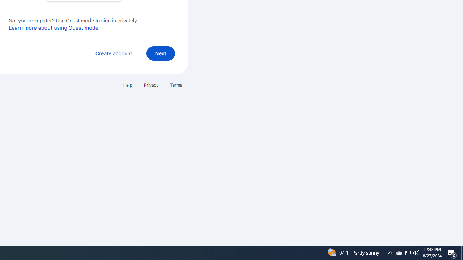 This screenshot has height=260, width=463. What do you see at coordinates (127, 84) in the screenshot?
I see `'Help'` at bounding box center [127, 84].